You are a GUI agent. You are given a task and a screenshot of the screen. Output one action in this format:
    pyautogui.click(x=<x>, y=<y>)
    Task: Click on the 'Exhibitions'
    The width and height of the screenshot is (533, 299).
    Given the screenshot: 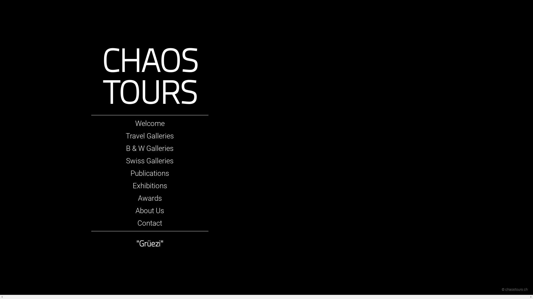 What is the action you would take?
    pyautogui.click(x=132, y=186)
    